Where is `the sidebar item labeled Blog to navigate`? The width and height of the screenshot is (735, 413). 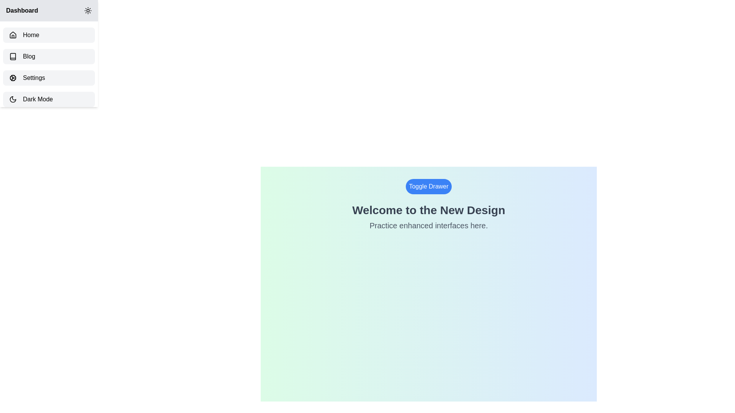
the sidebar item labeled Blog to navigate is located at coordinates (49, 56).